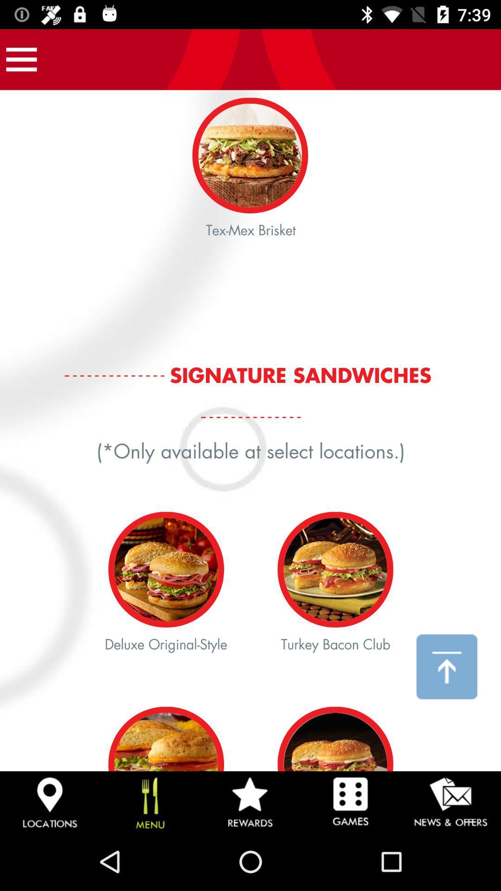 This screenshot has width=501, height=891. I want to click on menu options, so click(21, 59).